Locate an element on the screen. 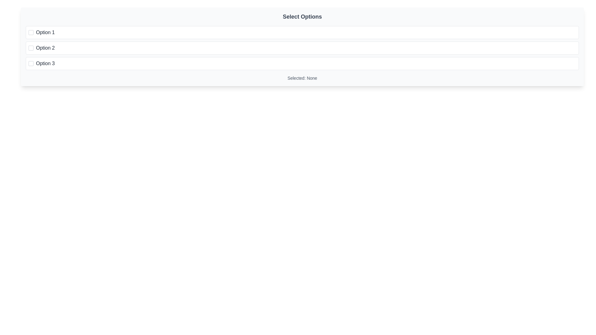  the checkbox located to the left of the text 'Option 3' is located at coordinates (31, 63).